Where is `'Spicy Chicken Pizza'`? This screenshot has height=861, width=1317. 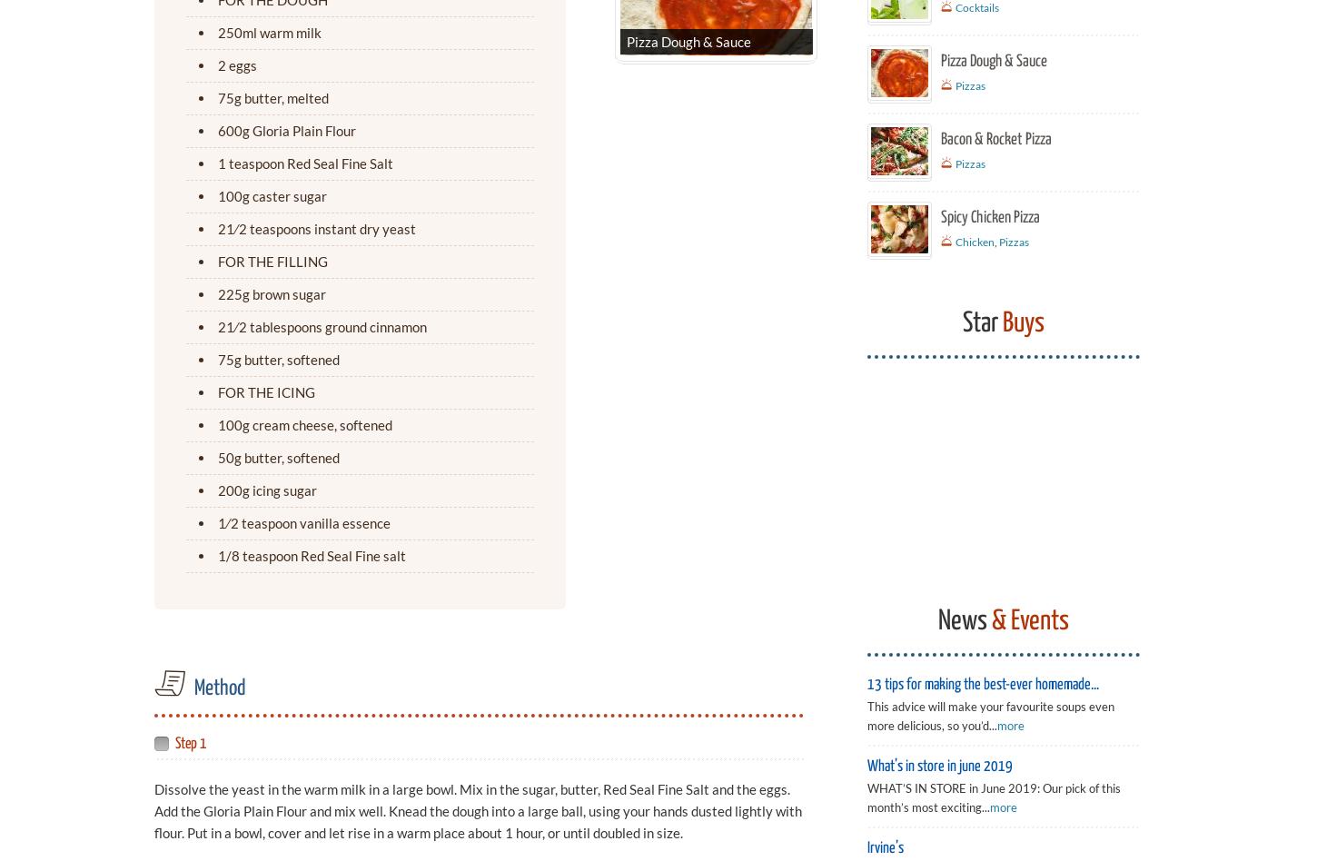 'Spicy Chicken Pizza' is located at coordinates (989, 216).